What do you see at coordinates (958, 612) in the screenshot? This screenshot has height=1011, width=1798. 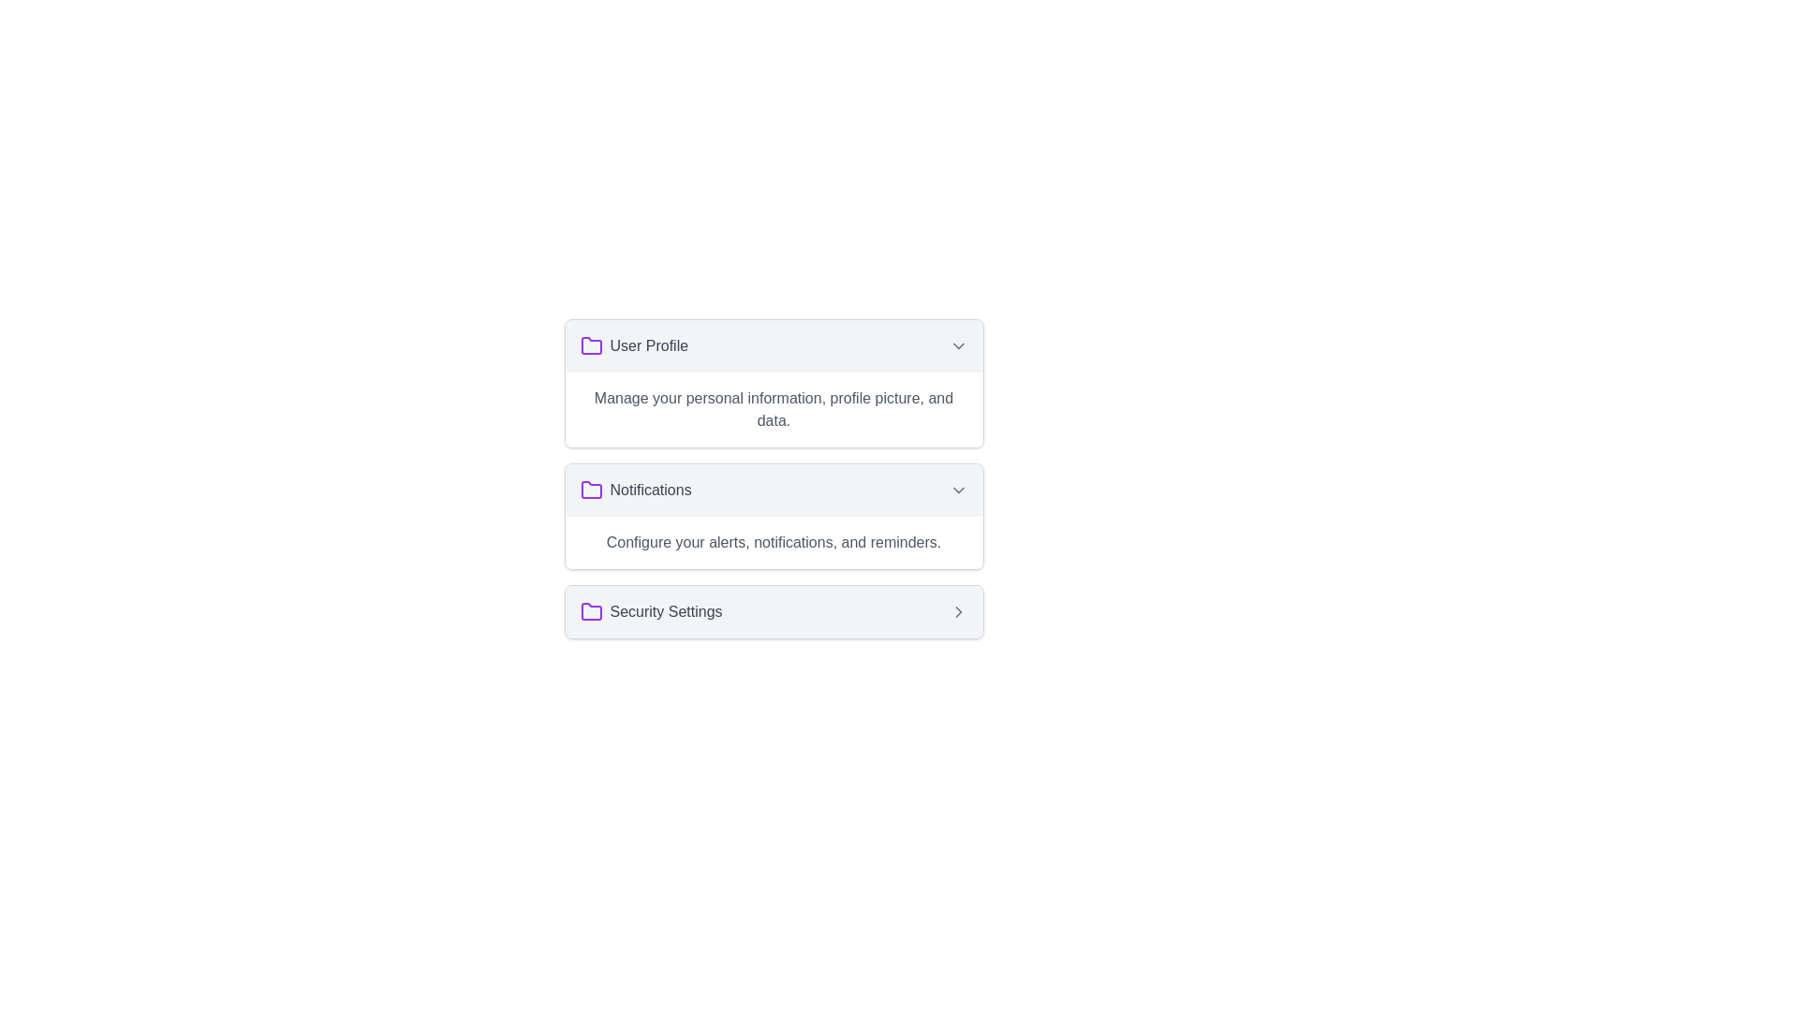 I see `the SVG-based chevron arrow indicating the expandable 'Security Settings' section` at bounding box center [958, 612].